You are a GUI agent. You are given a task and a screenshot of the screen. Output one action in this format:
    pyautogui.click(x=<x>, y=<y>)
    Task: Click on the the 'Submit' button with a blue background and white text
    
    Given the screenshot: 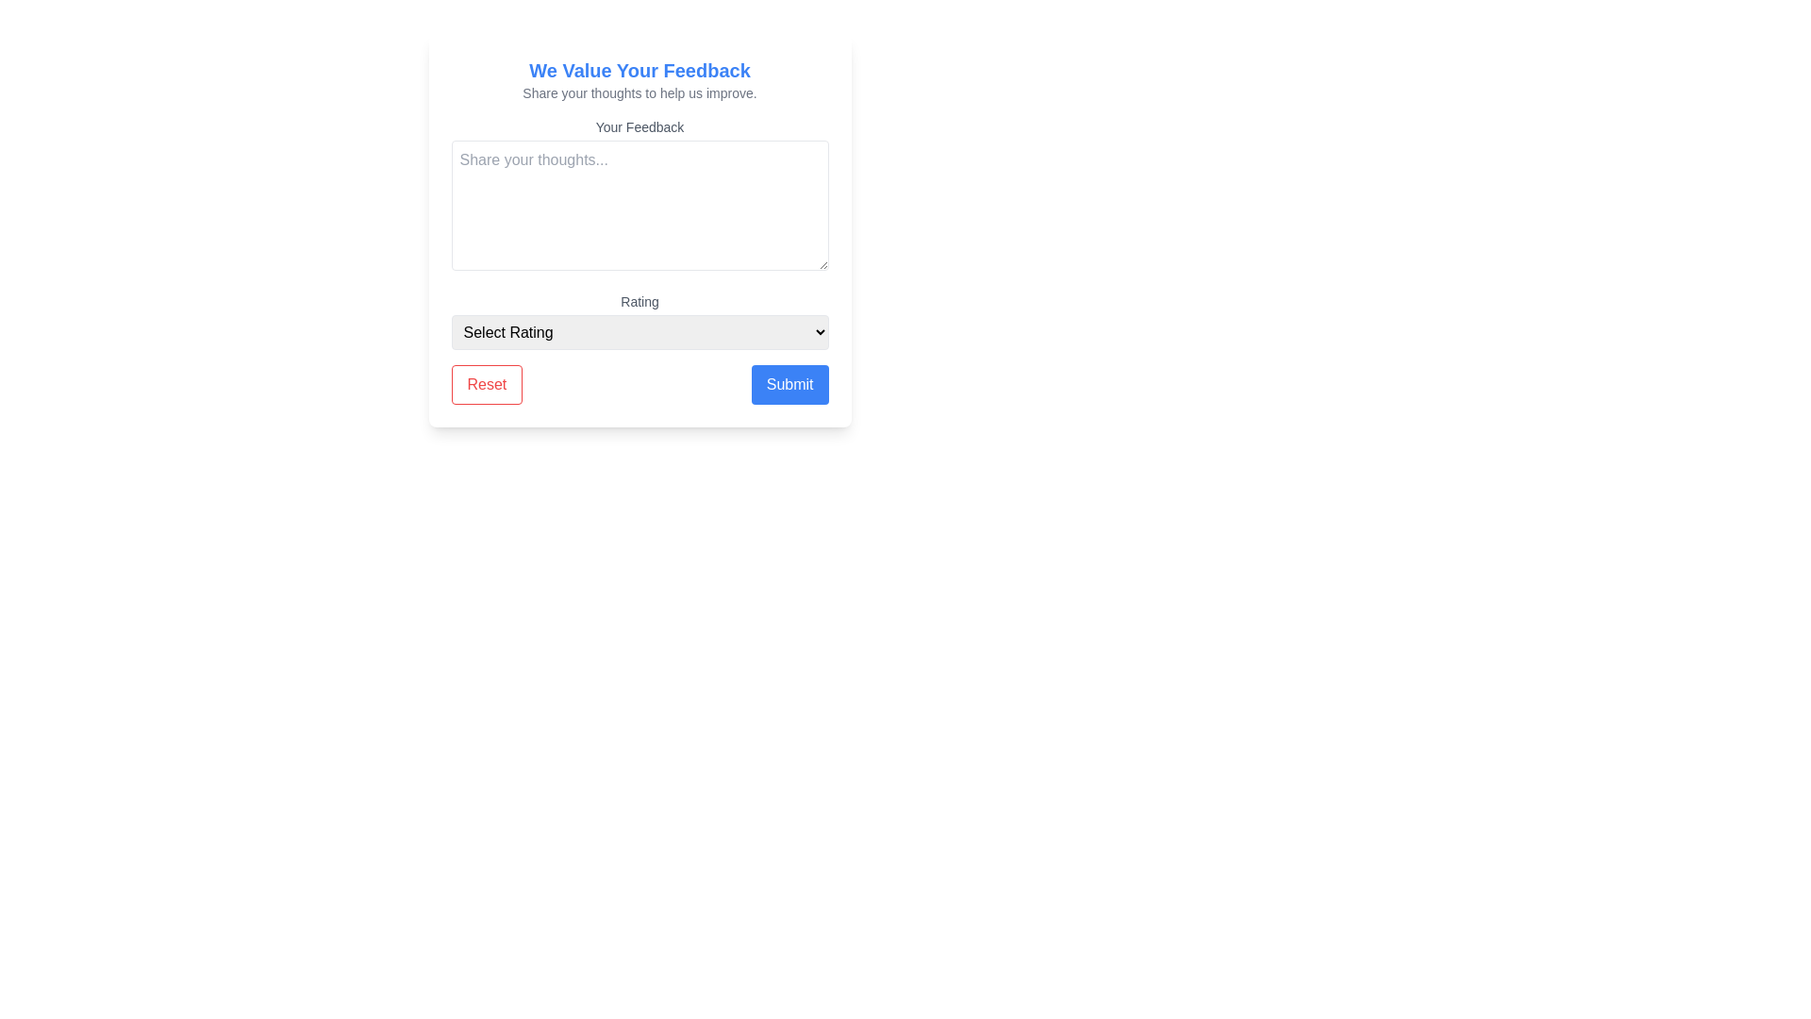 What is the action you would take?
    pyautogui.click(x=789, y=384)
    